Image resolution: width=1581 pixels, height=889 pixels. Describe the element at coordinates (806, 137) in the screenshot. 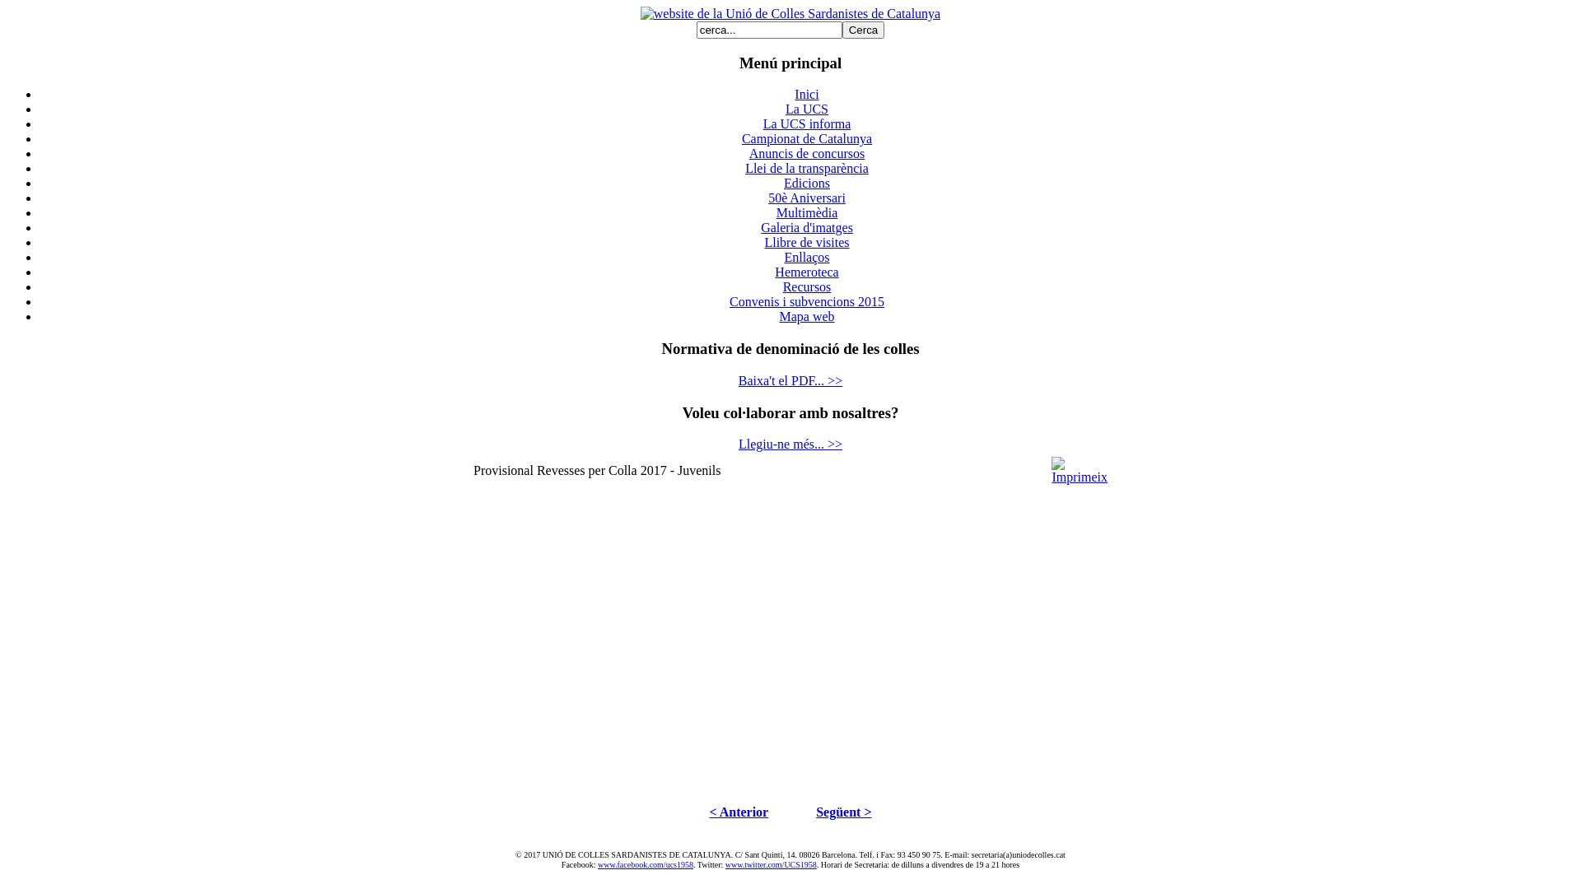

I see `'Campionat de Catalunya'` at that location.